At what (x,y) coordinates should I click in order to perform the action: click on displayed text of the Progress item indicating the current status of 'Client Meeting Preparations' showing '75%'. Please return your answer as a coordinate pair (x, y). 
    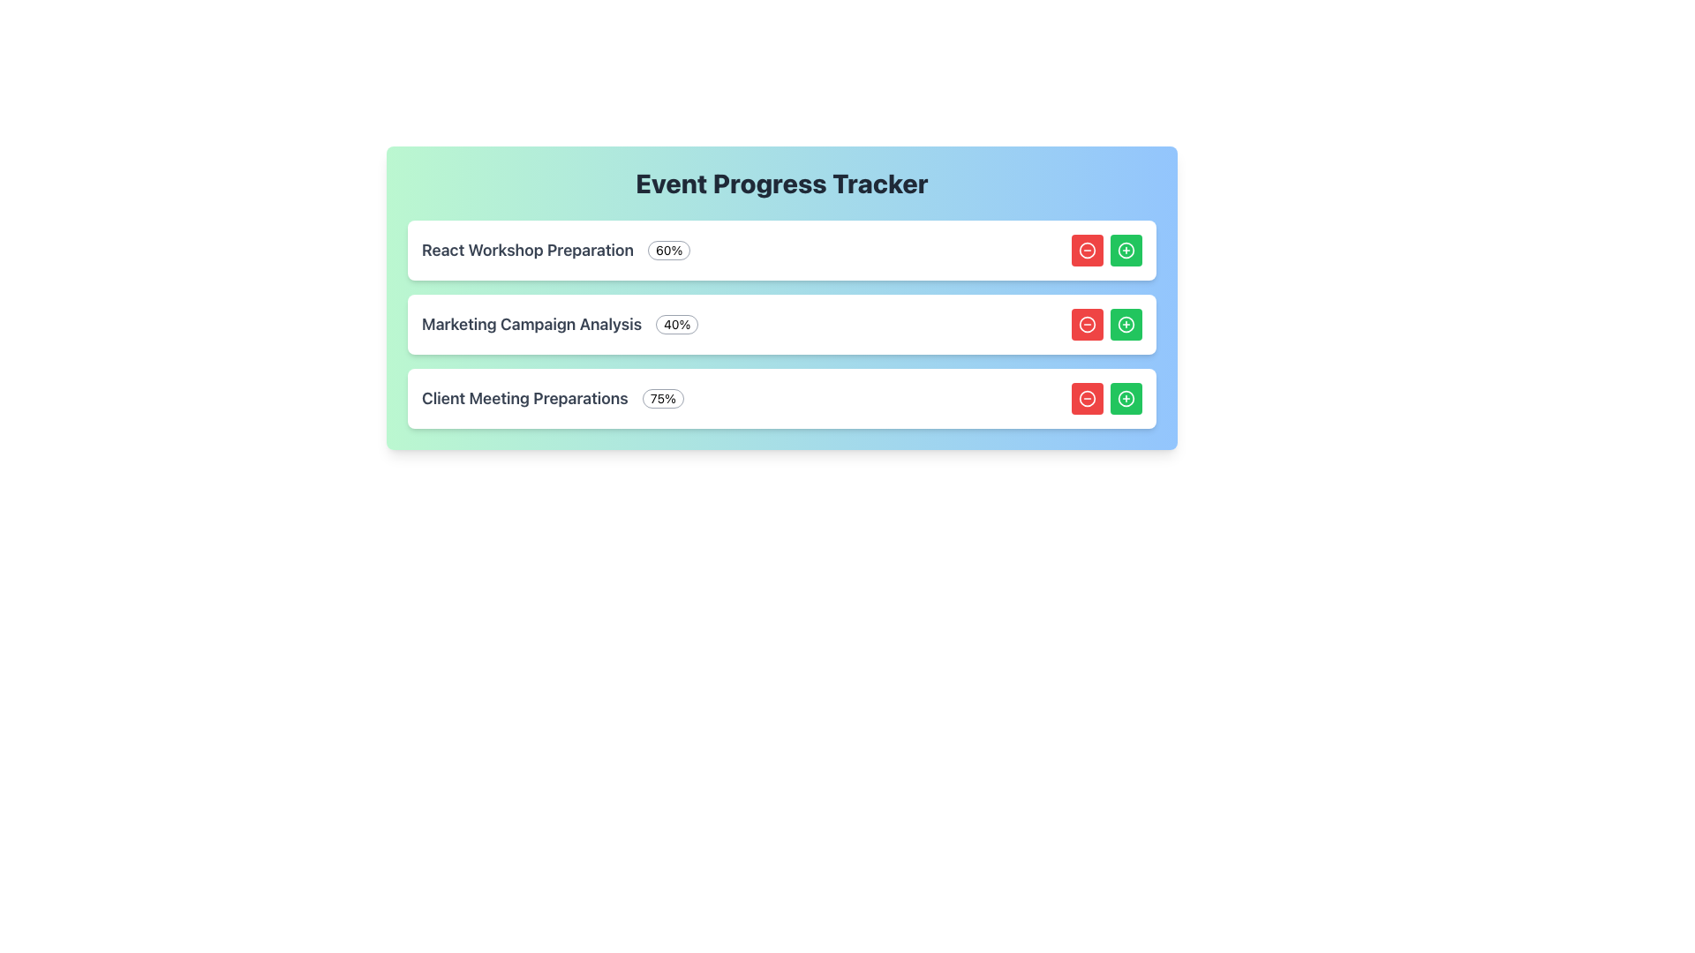
    Looking at the image, I should click on (552, 398).